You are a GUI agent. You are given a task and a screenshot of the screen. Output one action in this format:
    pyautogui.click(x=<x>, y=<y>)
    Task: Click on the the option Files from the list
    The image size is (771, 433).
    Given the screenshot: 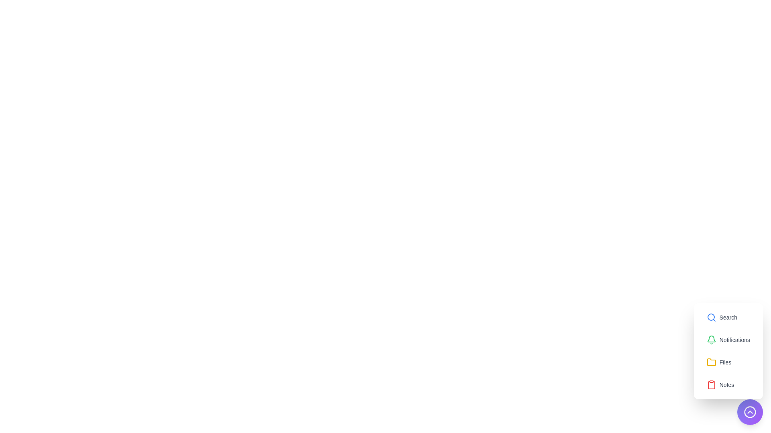 What is the action you would take?
    pyautogui.click(x=719, y=362)
    